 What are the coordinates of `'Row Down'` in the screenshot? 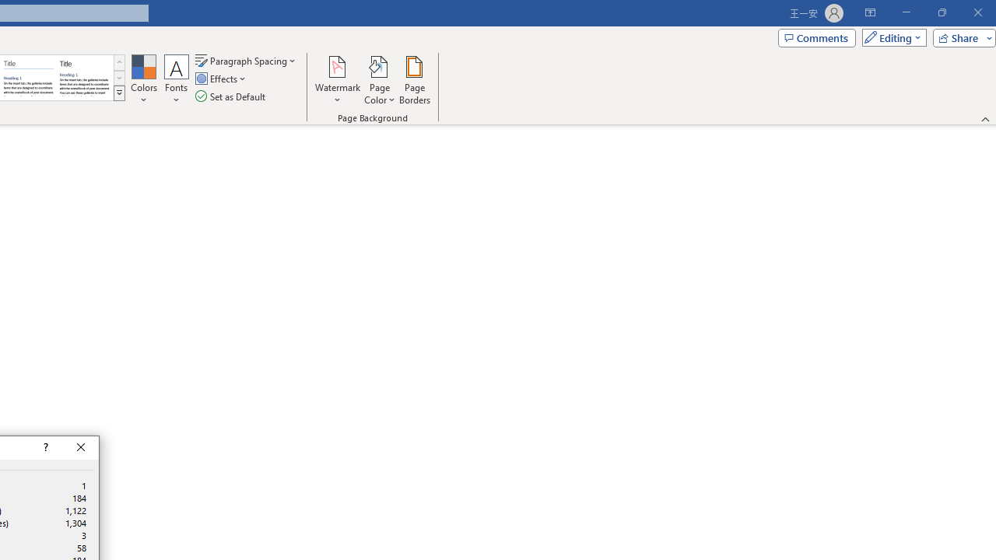 It's located at (118, 78).